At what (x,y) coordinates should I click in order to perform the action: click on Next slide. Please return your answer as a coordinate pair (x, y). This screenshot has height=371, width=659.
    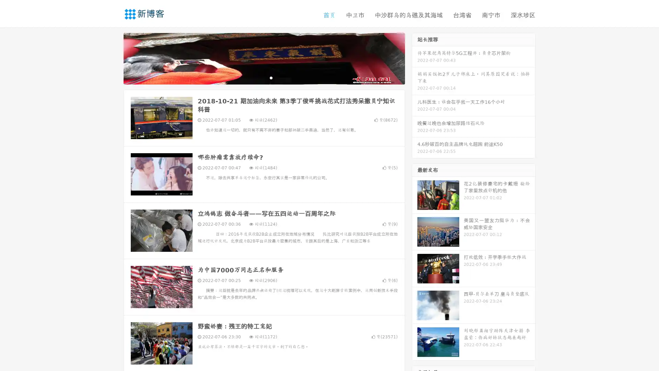
    Looking at the image, I should click on (415, 58).